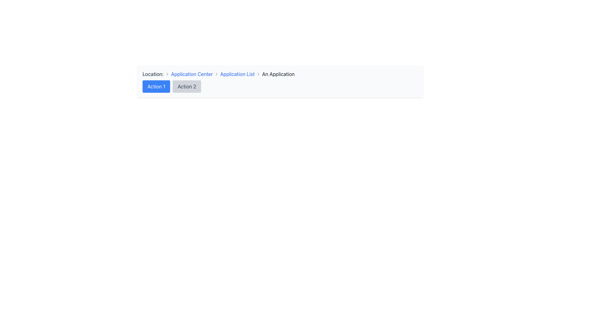 This screenshot has width=595, height=335. What do you see at coordinates (278, 74) in the screenshot?
I see `the Static Text Label displaying 'An Application', which is the last item in the breadcrumb navigation bar` at bounding box center [278, 74].